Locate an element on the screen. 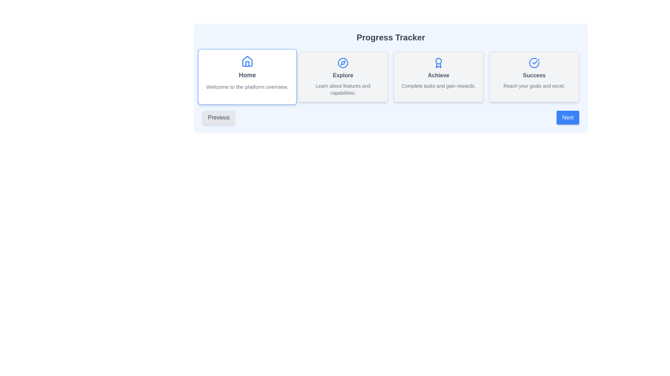  the blue checkmark icon located within the 'Success' card in the Progress Tracker section is located at coordinates (535, 61).